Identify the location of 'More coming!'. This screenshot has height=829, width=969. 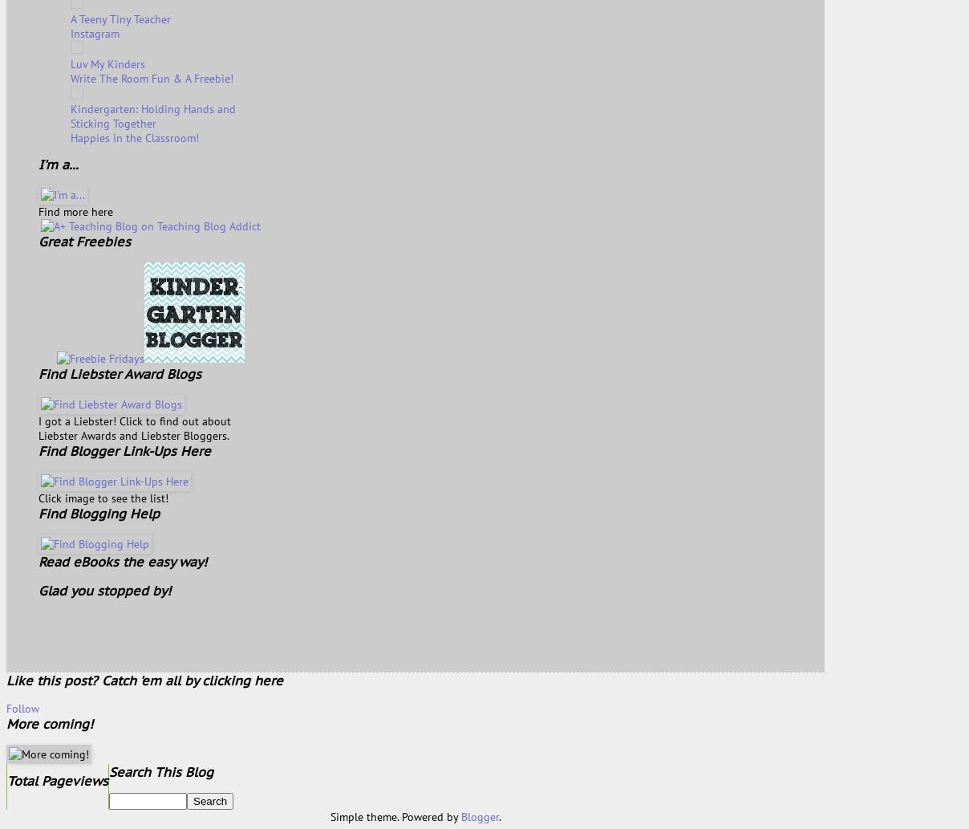
(48, 723).